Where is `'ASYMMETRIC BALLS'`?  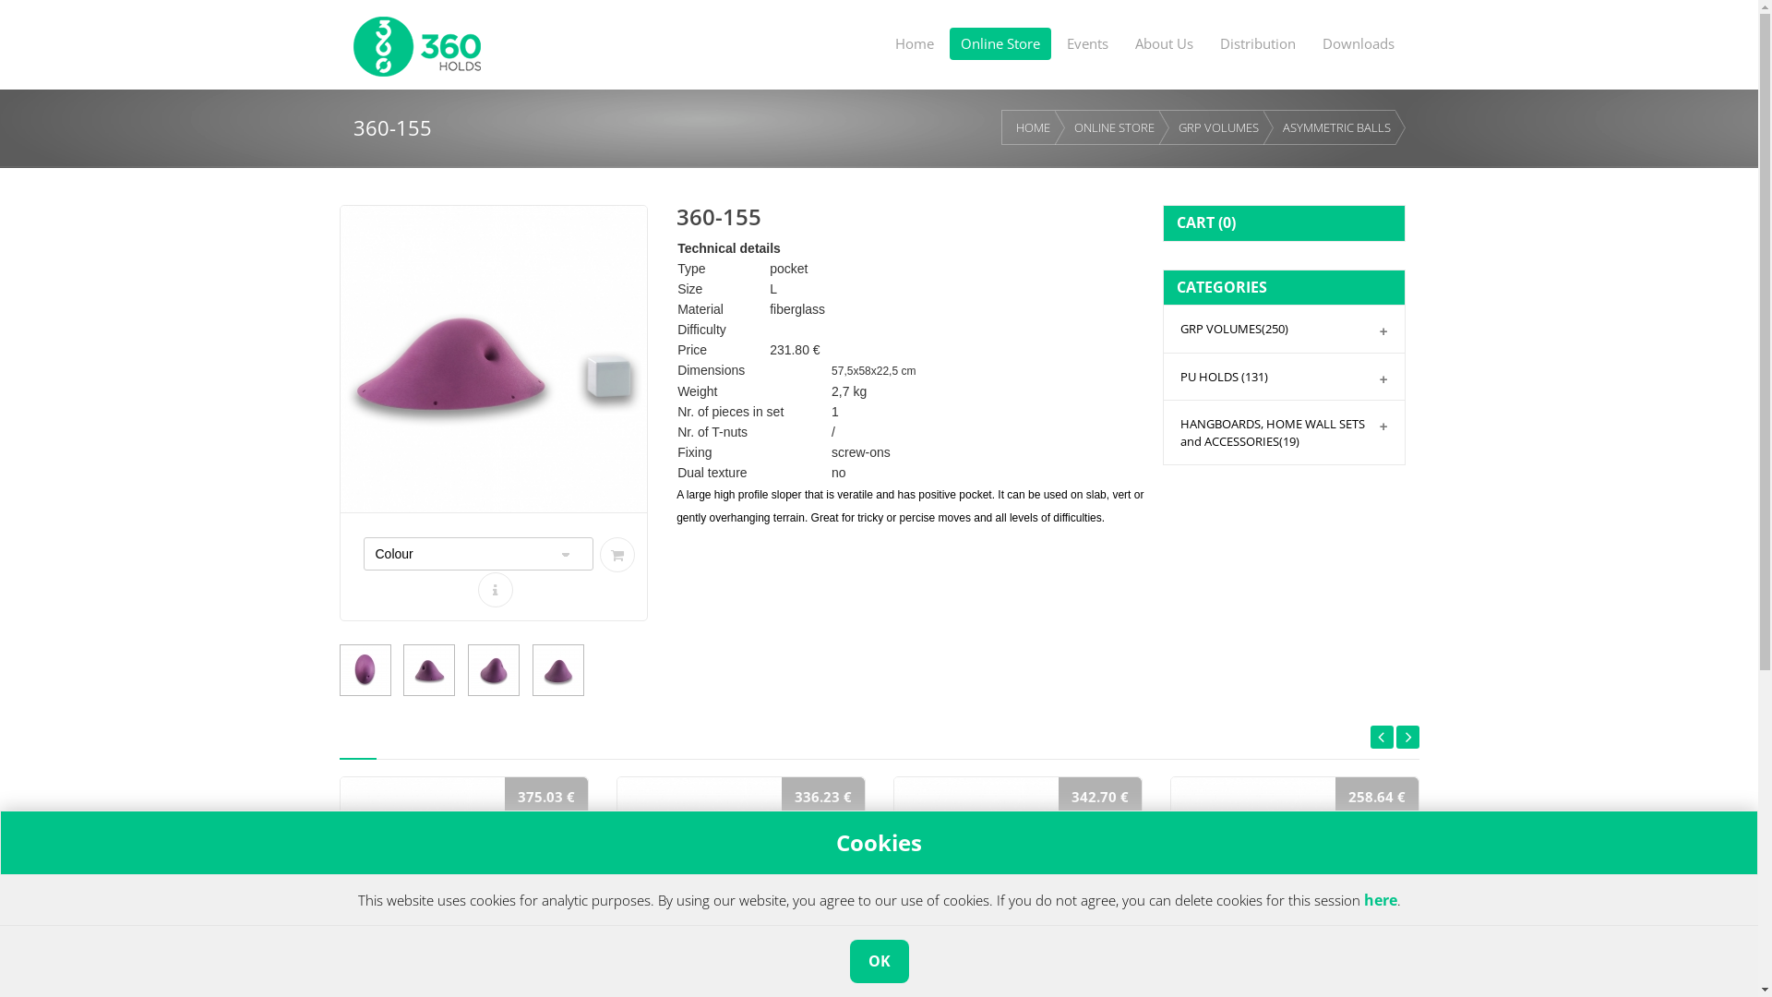
'ASYMMETRIC BALLS' is located at coordinates (1336, 126).